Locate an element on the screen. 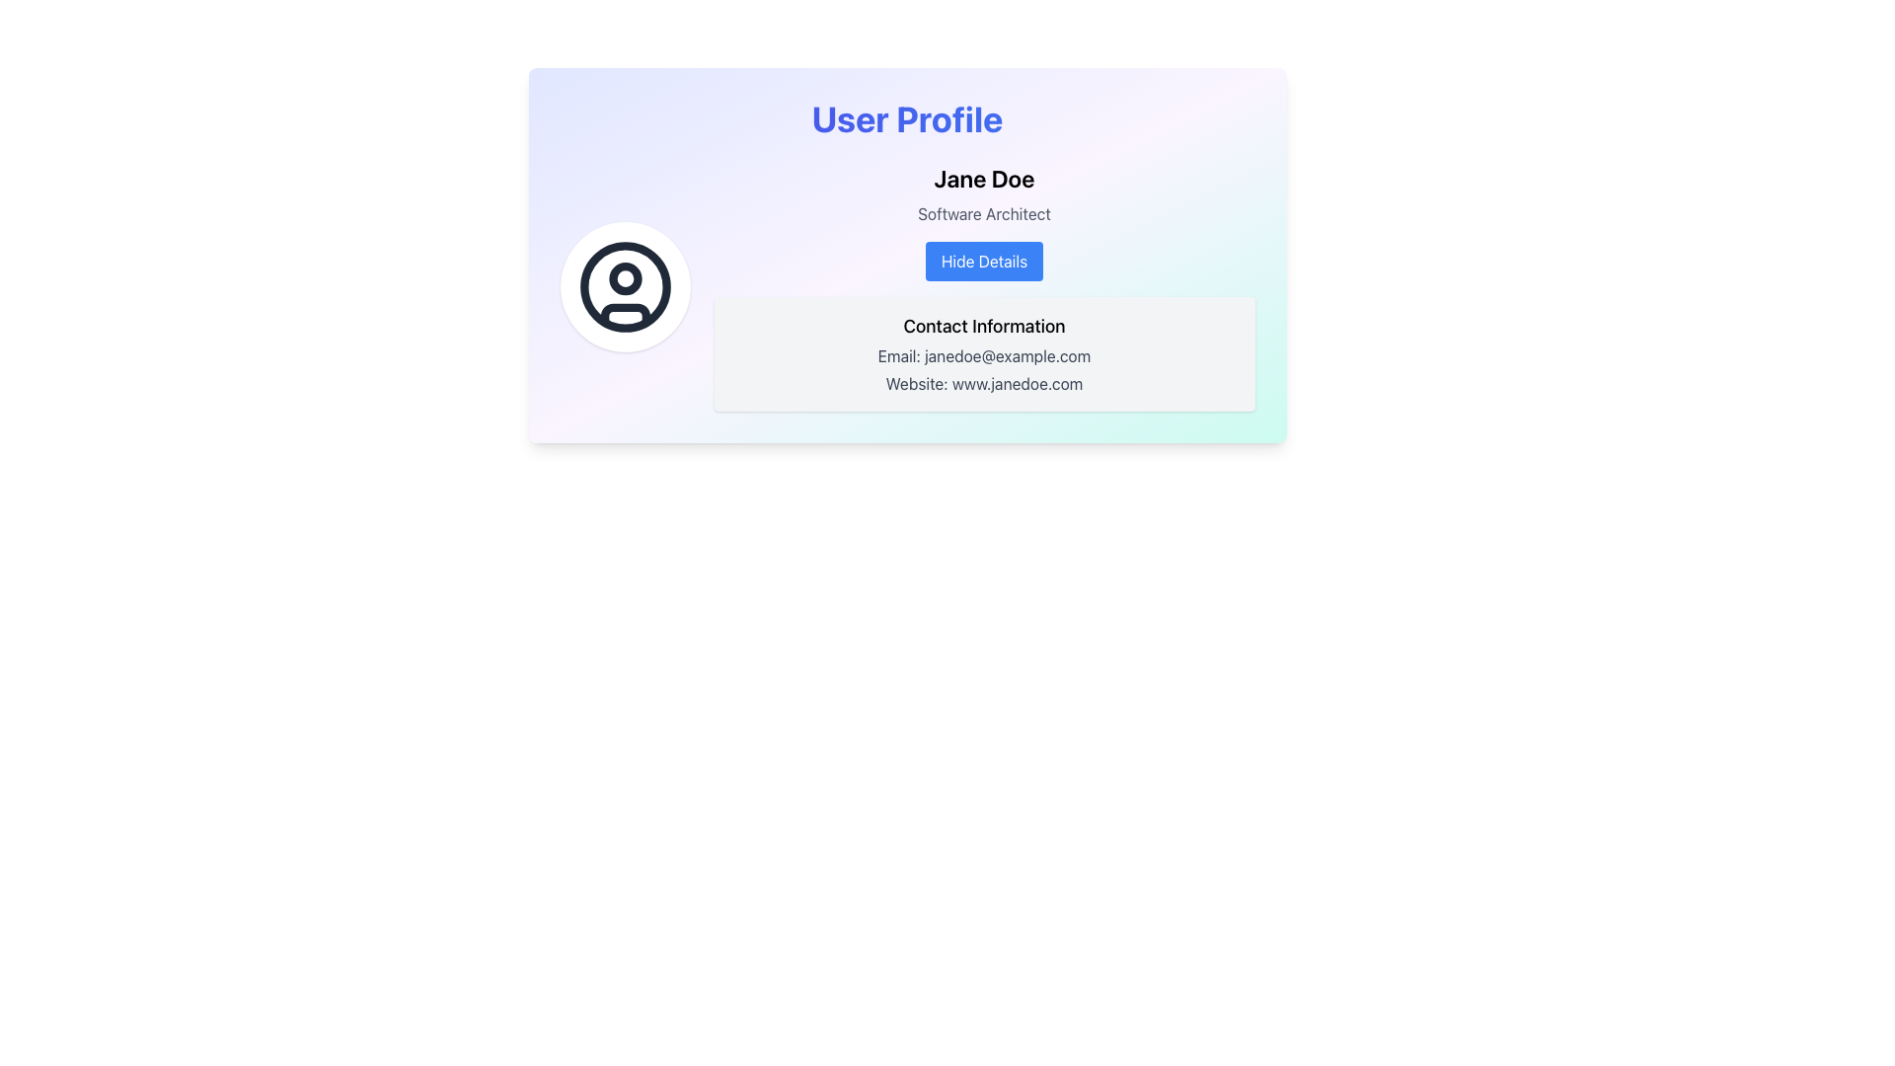  the static text element that provides the URL link of the user's website, located below the 'Email: janedoe@example.com' line in the 'Contact Information' box is located at coordinates (984, 384).